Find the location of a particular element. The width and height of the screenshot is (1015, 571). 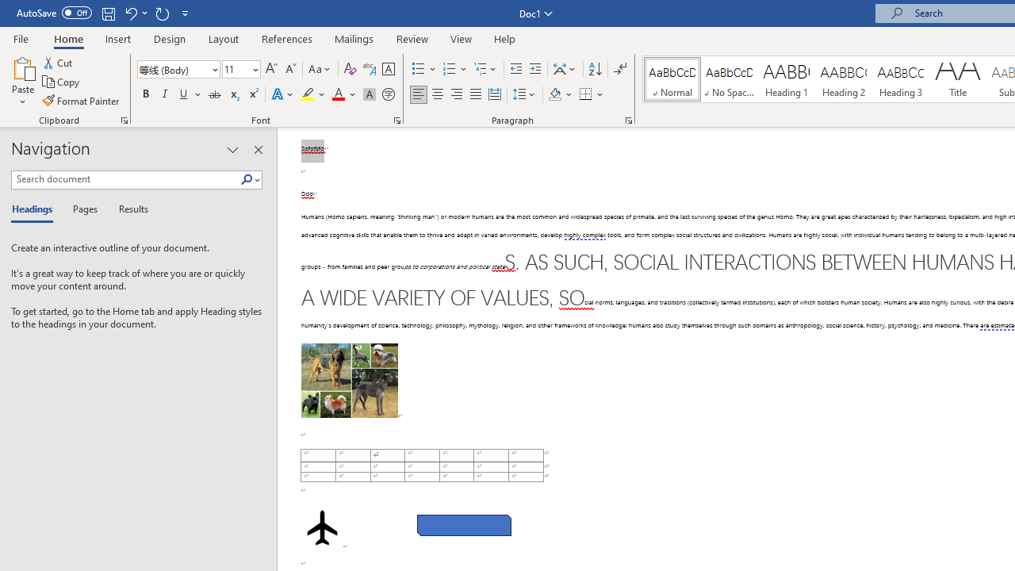

'Cut' is located at coordinates (59, 62).